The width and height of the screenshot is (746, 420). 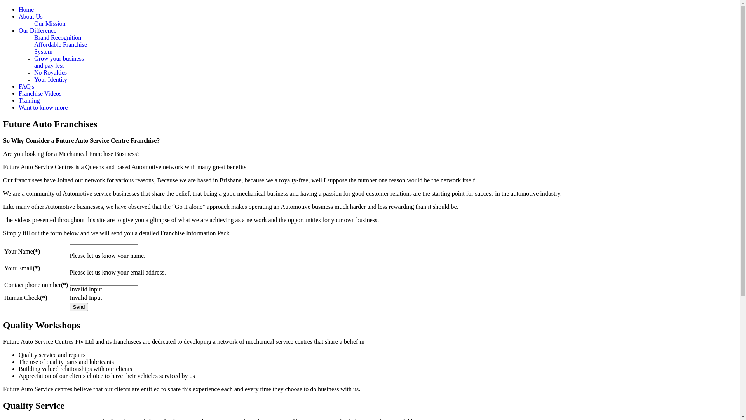 What do you see at coordinates (26, 86) in the screenshot?
I see `'FAQ's'` at bounding box center [26, 86].